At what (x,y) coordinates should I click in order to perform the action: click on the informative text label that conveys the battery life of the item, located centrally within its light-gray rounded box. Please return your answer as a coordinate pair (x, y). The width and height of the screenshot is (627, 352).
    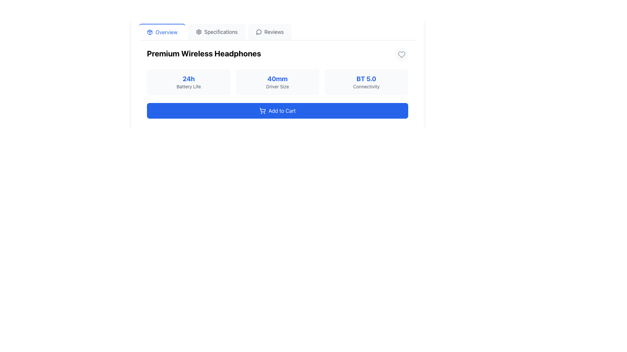
    Looking at the image, I should click on (188, 79).